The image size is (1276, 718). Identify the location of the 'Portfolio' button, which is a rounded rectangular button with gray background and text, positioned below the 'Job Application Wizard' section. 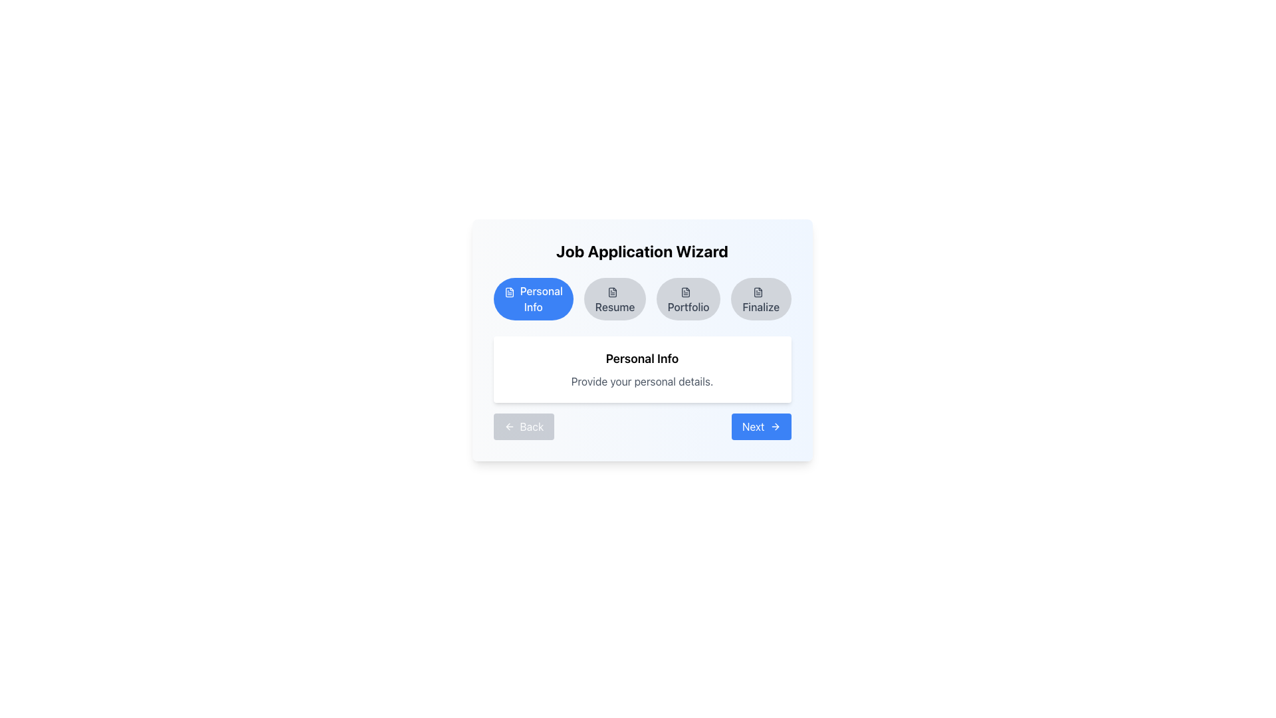
(689, 299).